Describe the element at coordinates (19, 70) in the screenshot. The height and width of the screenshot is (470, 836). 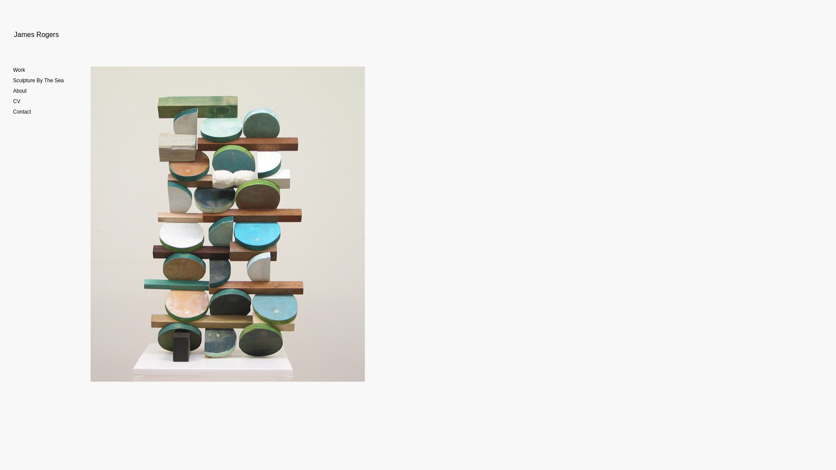
I see `'Work'` at that location.